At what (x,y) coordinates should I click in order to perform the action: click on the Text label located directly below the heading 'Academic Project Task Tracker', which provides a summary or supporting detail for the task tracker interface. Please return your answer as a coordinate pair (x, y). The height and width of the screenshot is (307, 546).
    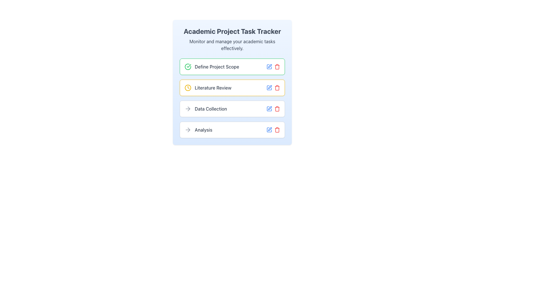
    Looking at the image, I should click on (232, 45).